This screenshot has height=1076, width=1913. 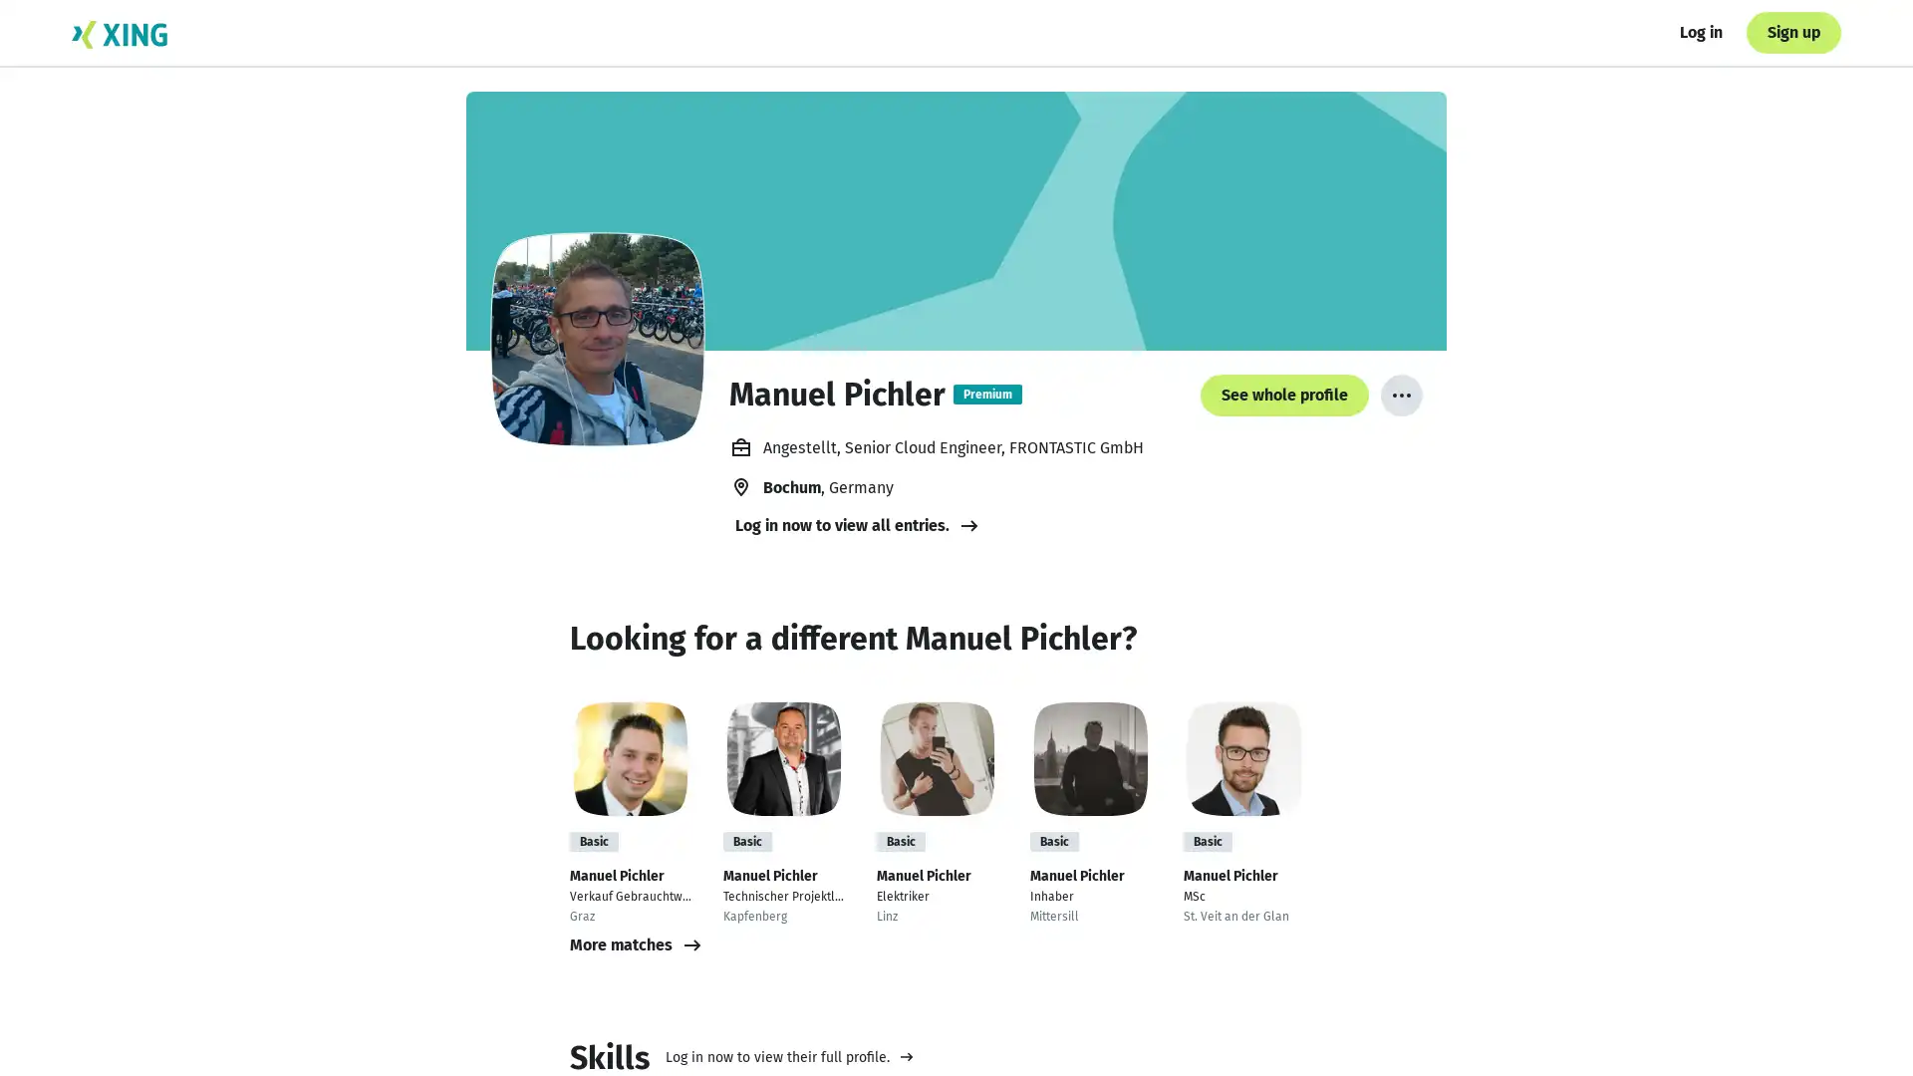 What do you see at coordinates (1361, 1018) in the screenshot?
I see `See whole profile` at bounding box center [1361, 1018].